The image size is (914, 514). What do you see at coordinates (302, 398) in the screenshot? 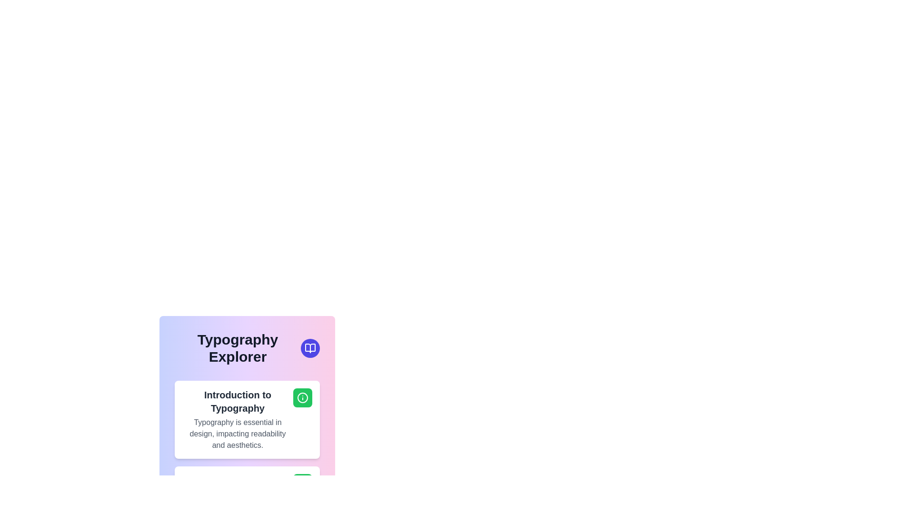
I see `the green button with a white circular information icon located at the top-right corner of the 'Typography Explorer' card, adjacent to the text 'Introduction to Typography'` at bounding box center [302, 398].